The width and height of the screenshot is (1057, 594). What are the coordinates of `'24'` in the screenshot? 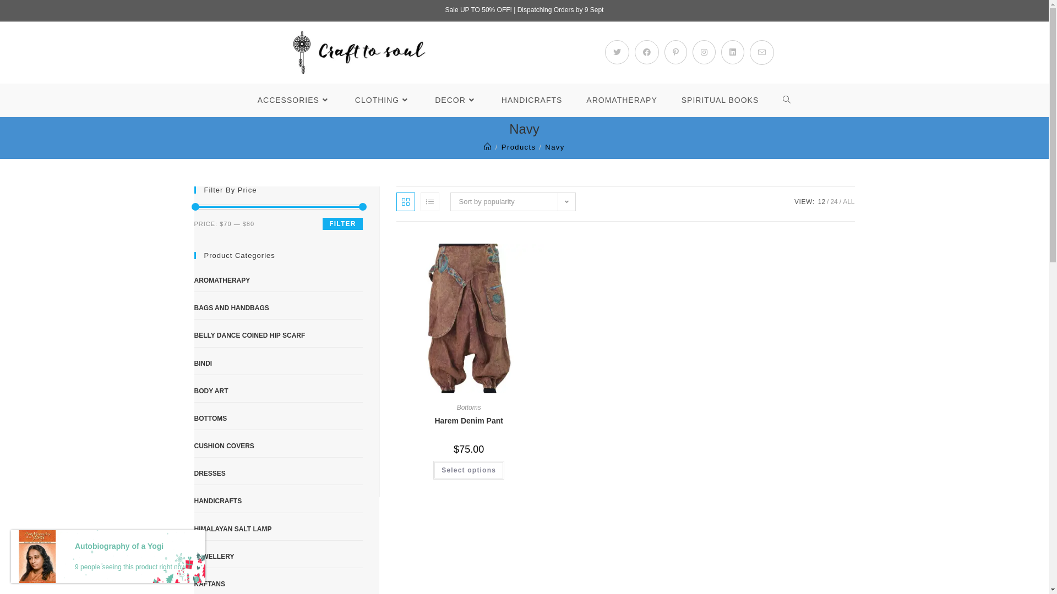 It's located at (833, 201).